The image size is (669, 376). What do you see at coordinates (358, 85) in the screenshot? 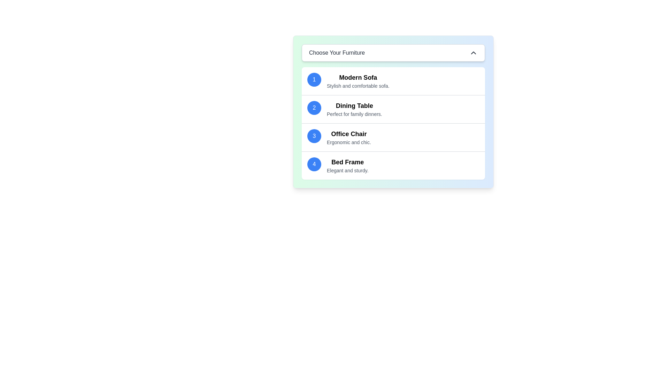
I see `the static text element that reads 'Stylish and comfortable sofa.', which is styled in small gray font and located beneath the bold text 'Modern Sofa.'` at bounding box center [358, 85].